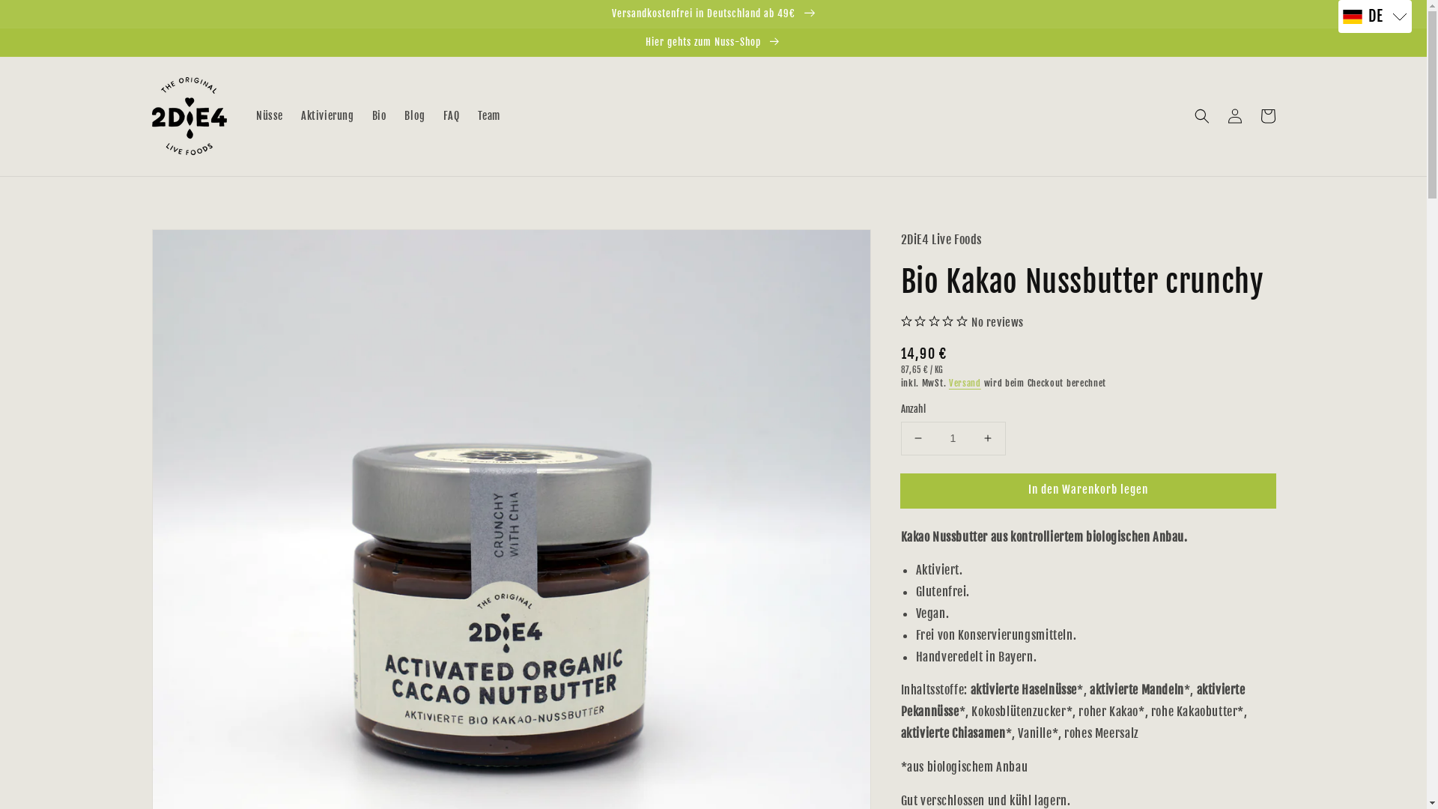 The image size is (1438, 809). What do you see at coordinates (1218, 115) in the screenshot?
I see `'Einloggen'` at bounding box center [1218, 115].